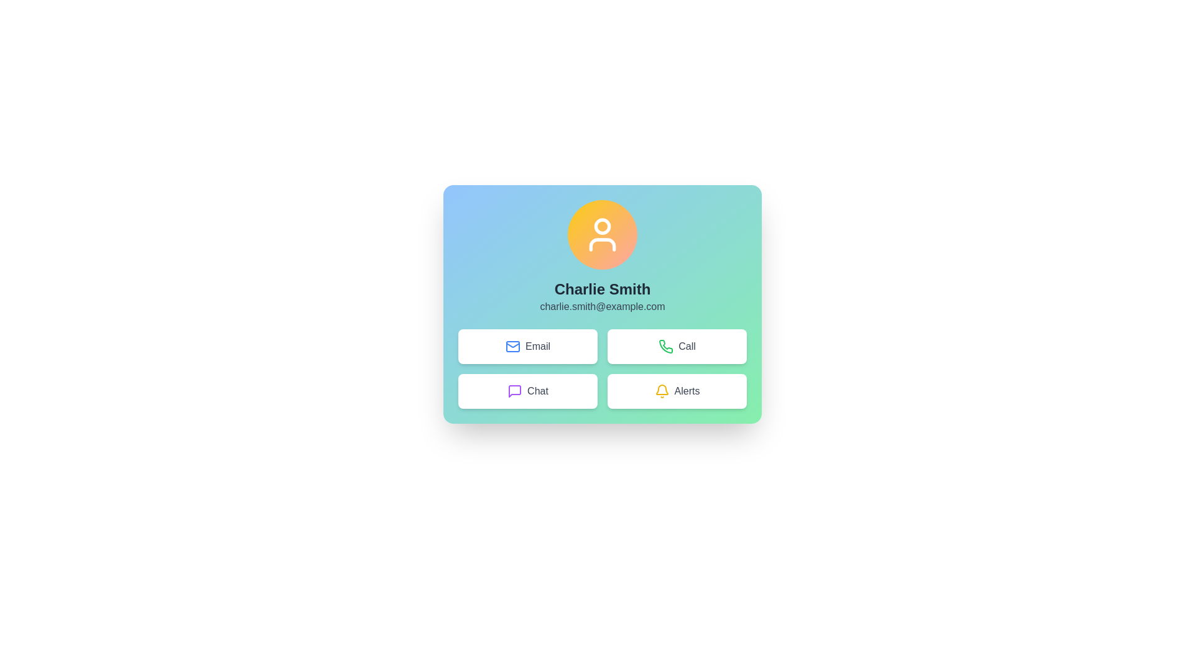 The width and height of the screenshot is (1194, 671). Describe the element at coordinates (665, 346) in the screenshot. I see `the call icon located in the top right corner of the 'Call' button` at that location.